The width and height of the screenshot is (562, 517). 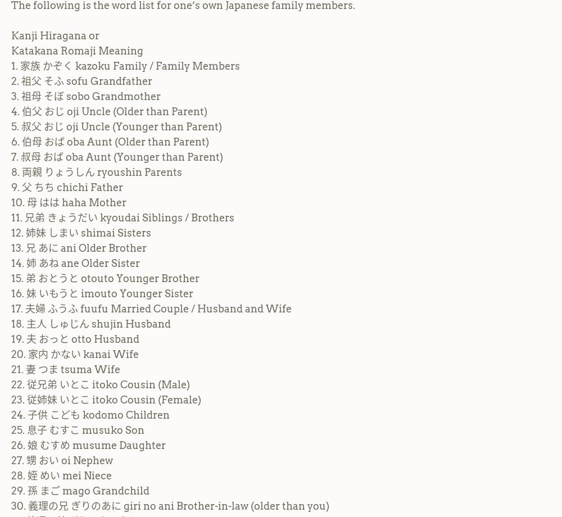 What do you see at coordinates (81, 80) in the screenshot?
I see `'2.	祖父	そふ	sofu	Grandfather'` at bounding box center [81, 80].